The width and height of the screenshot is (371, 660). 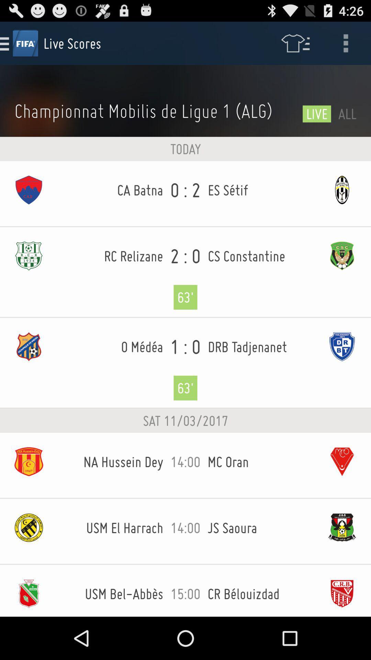 What do you see at coordinates (185, 466) in the screenshot?
I see `item below the sat 11 03` at bounding box center [185, 466].